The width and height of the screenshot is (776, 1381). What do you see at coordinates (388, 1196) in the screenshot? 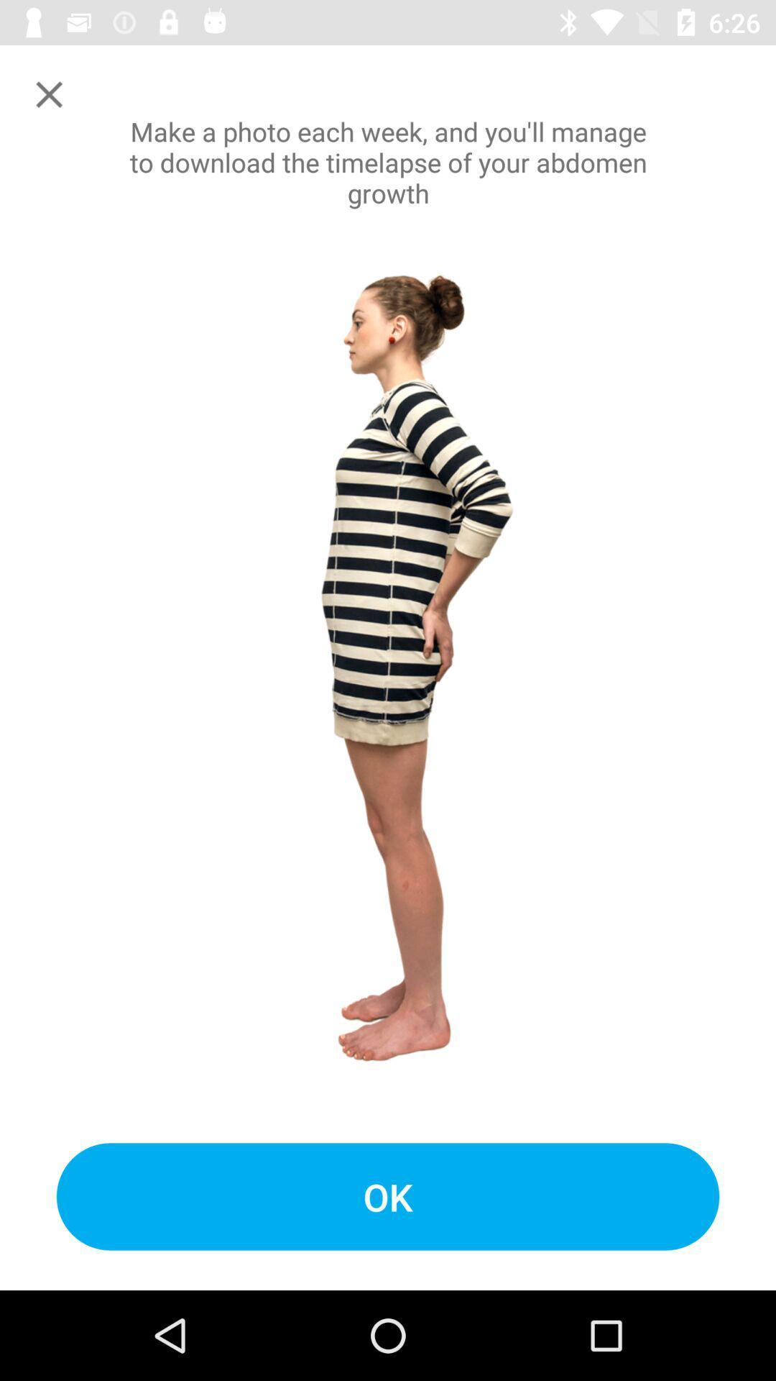
I see `the ok icon` at bounding box center [388, 1196].